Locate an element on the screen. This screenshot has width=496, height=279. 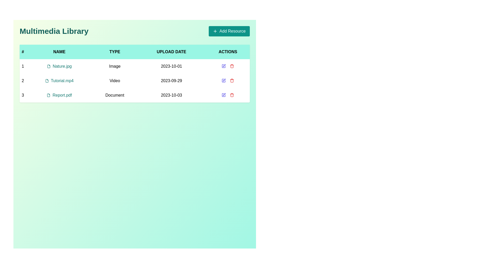
the SVG icon resembling a file, which is located in the first row of the 'Multimedia Library' table next to the text 'Nature.jpg' is located at coordinates (49, 66).